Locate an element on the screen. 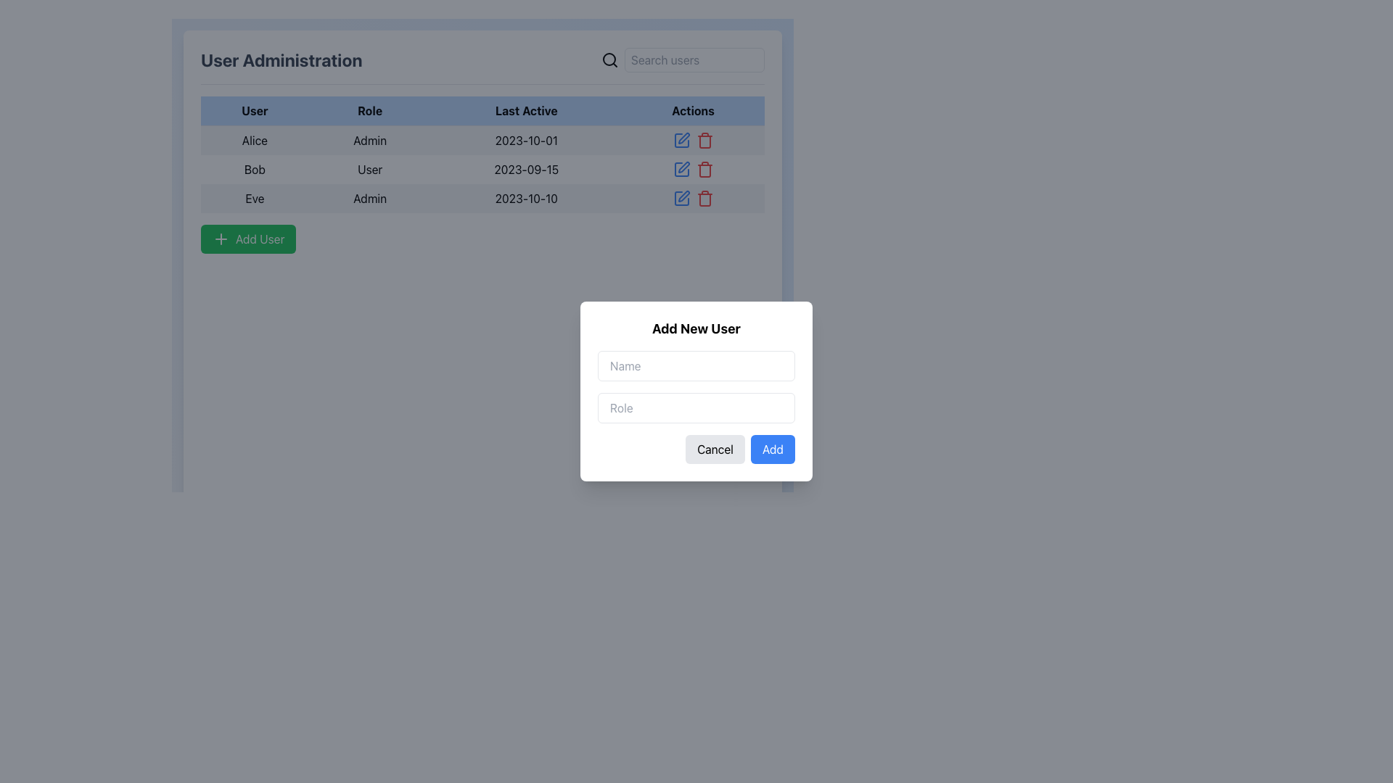  the 'Actions' column header TextLabel, which is located at the top-right area of the table interface is located at coordinates (692, 110).